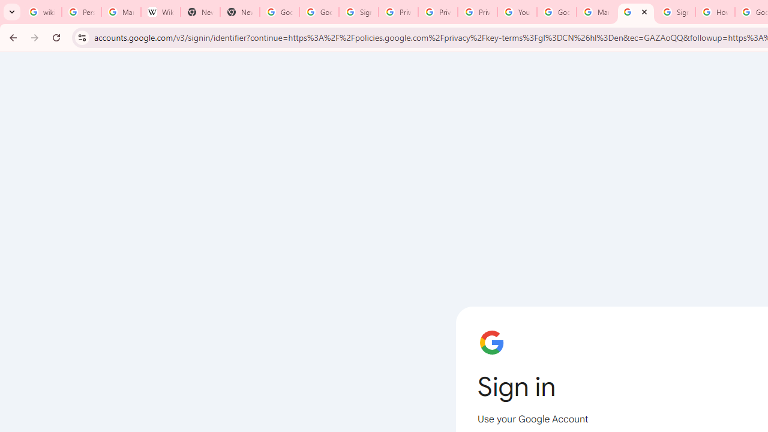 This screenshot has height=432, width=768. What do you see at coordinates (80, 12) in the screenshot?
I see `'Personalization & Google Search results - Google Search Help'` at bounding box center [80, 12].